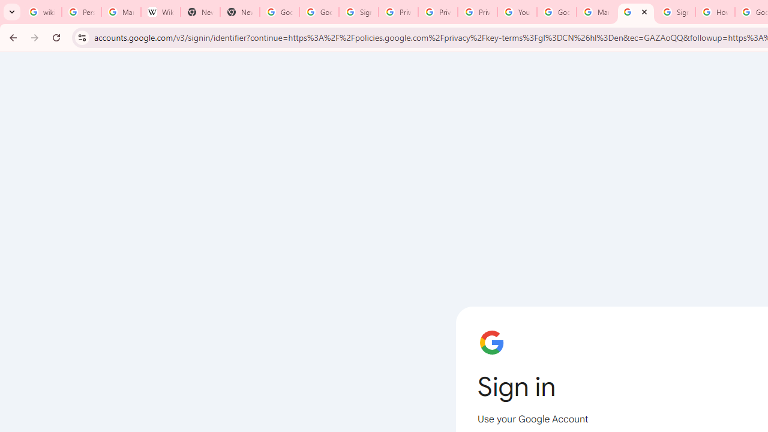 This screenshot has height=432, width=768. What do you see at coordinates (80, 12) in the screenshot?
I see `'Personalization & Google Search results - Google Search Help'` at bounding box center [80, 12].